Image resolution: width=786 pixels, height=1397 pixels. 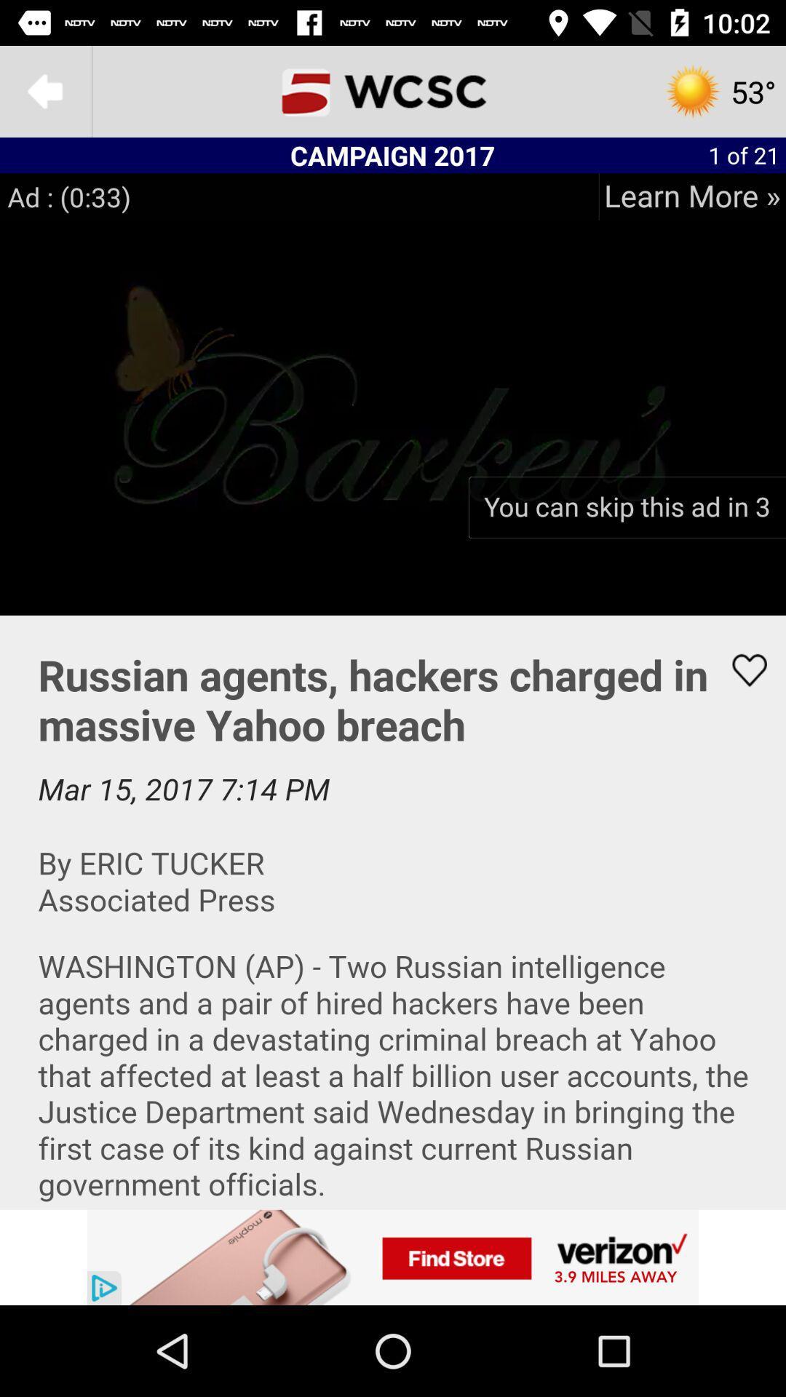 What do you see at coordinates (719, 90) in the screenshot?
I see `the settings icon` at bounding box center [719, 90].